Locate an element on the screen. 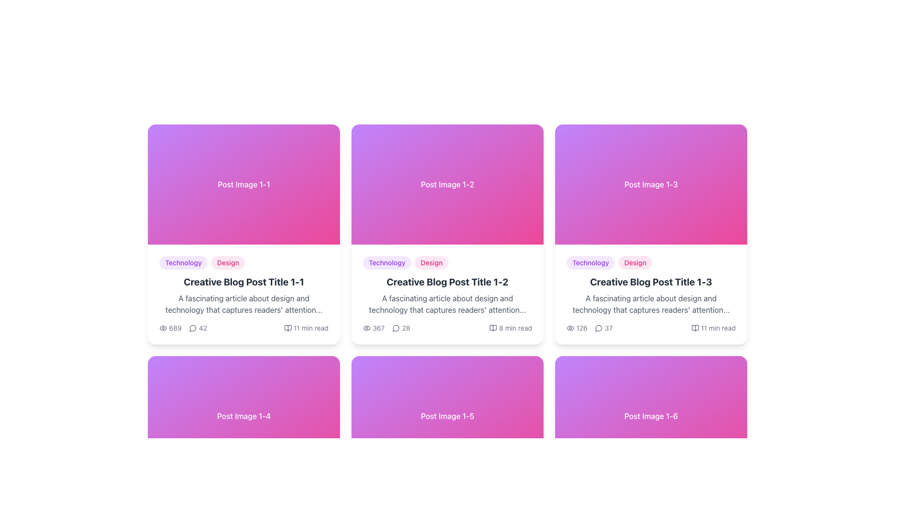 This screenshot has height=519, width=922. the Text Label that provides a brief description of the article, located below the title 'Creative Blog Post Title 1-1' and above the metadata section is located at coordinates (244, 304).